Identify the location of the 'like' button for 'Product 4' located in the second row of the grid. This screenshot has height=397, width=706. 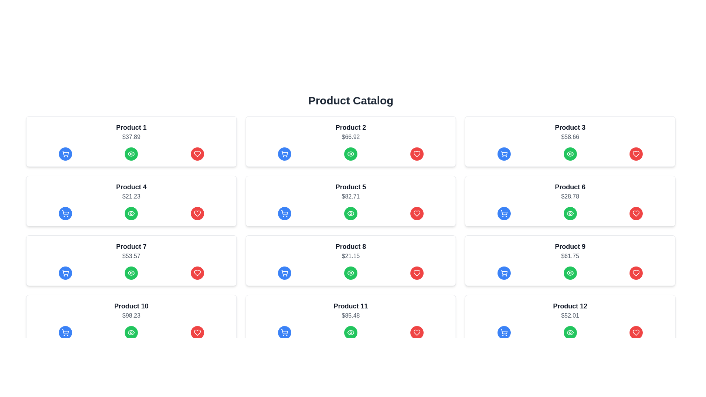
(197, 214).